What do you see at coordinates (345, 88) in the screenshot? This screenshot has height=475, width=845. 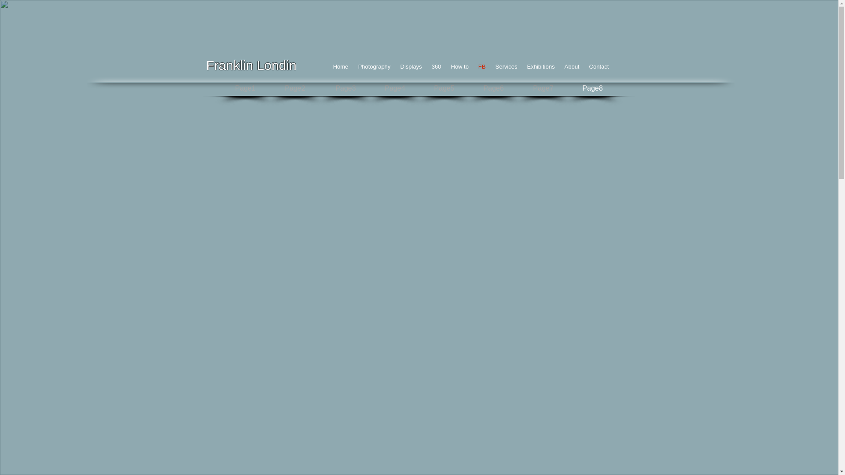 I see `'Page3'` at bounding box center [345, 88].